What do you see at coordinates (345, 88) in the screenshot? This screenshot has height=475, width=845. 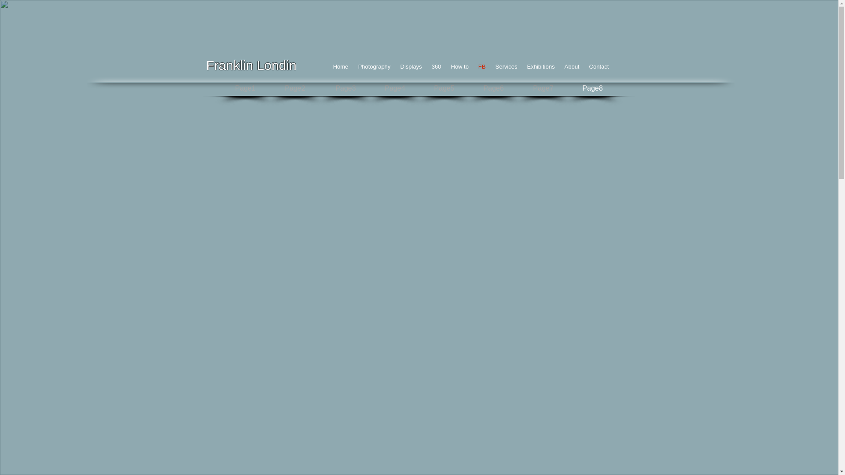 I see `'Page3'` at bounding box center [345, 88].